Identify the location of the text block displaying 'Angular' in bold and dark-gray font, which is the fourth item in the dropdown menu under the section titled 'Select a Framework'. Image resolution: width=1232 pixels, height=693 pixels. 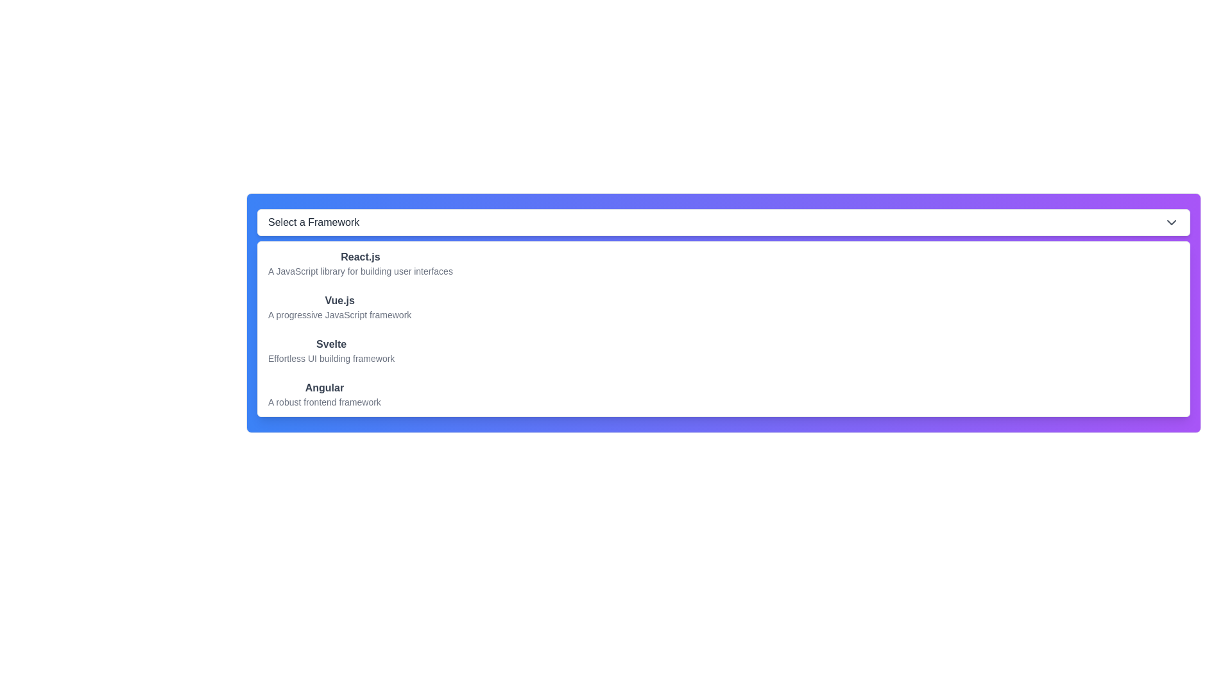
(324, 393).